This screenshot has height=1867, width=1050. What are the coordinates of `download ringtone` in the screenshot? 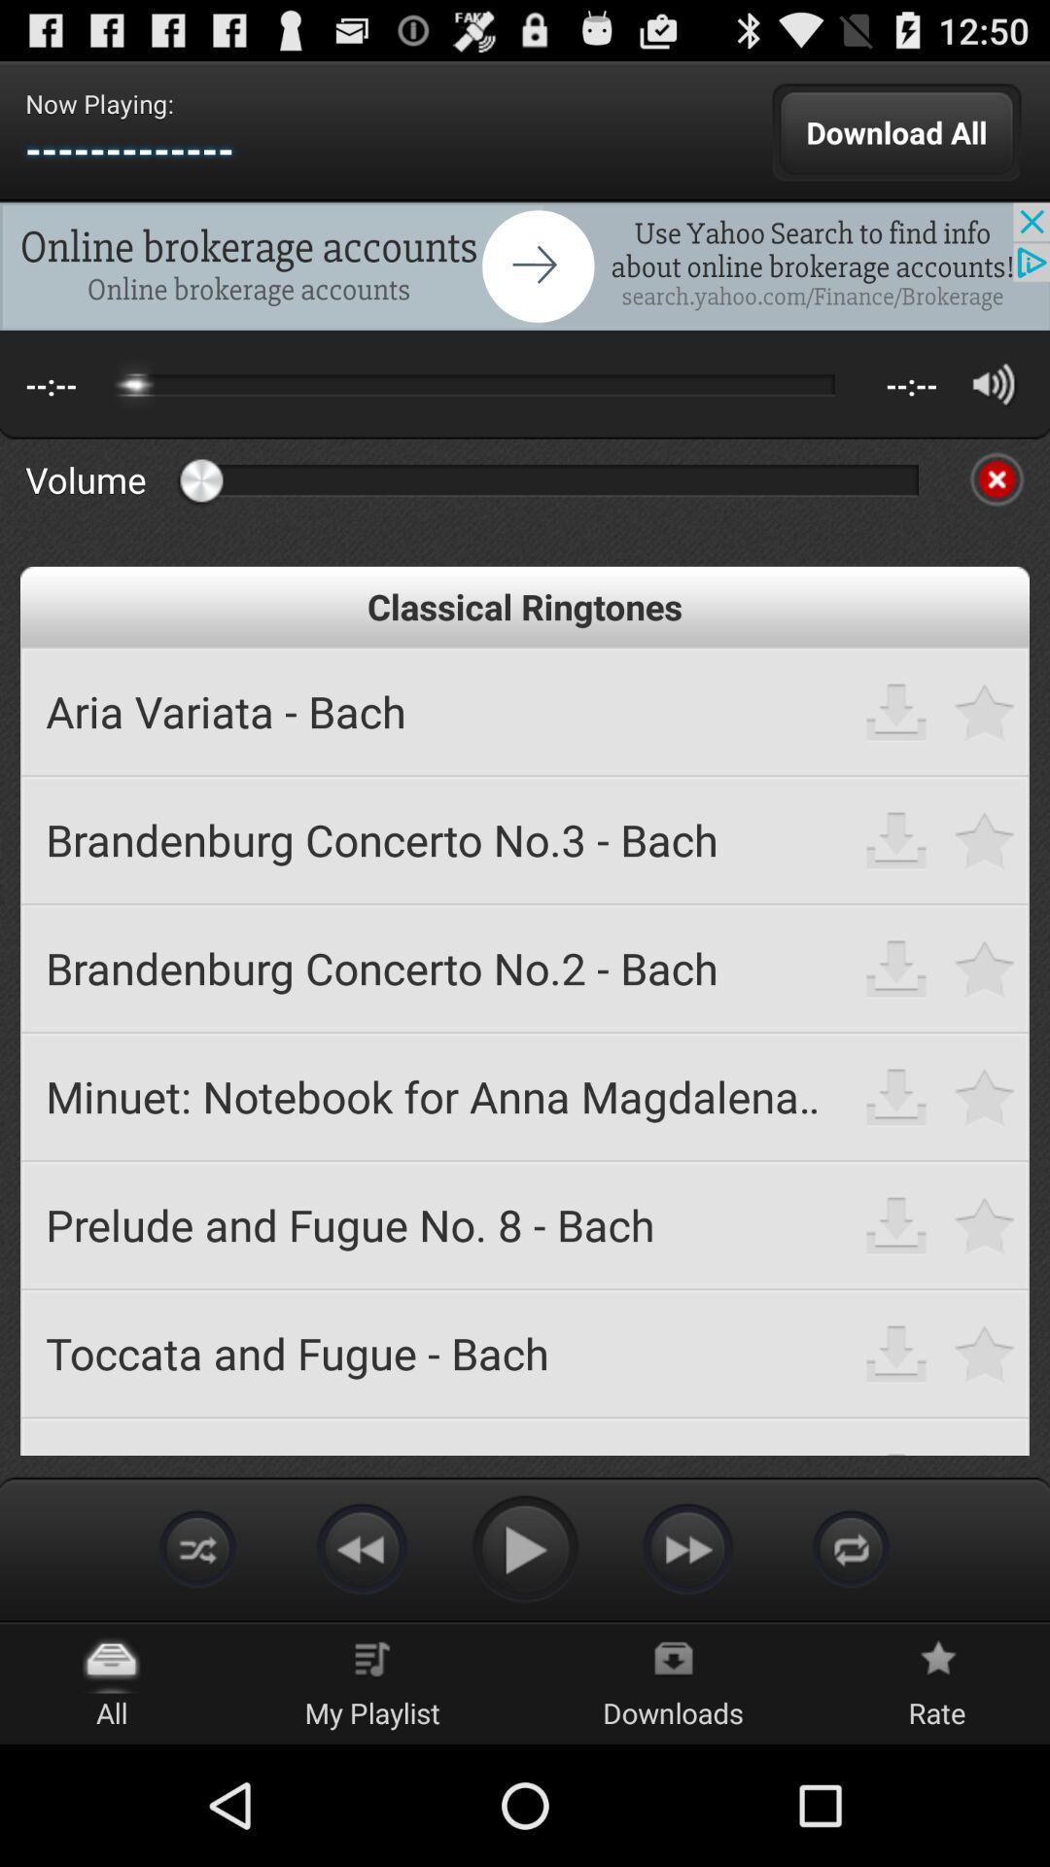 It's located at (896, 1096).